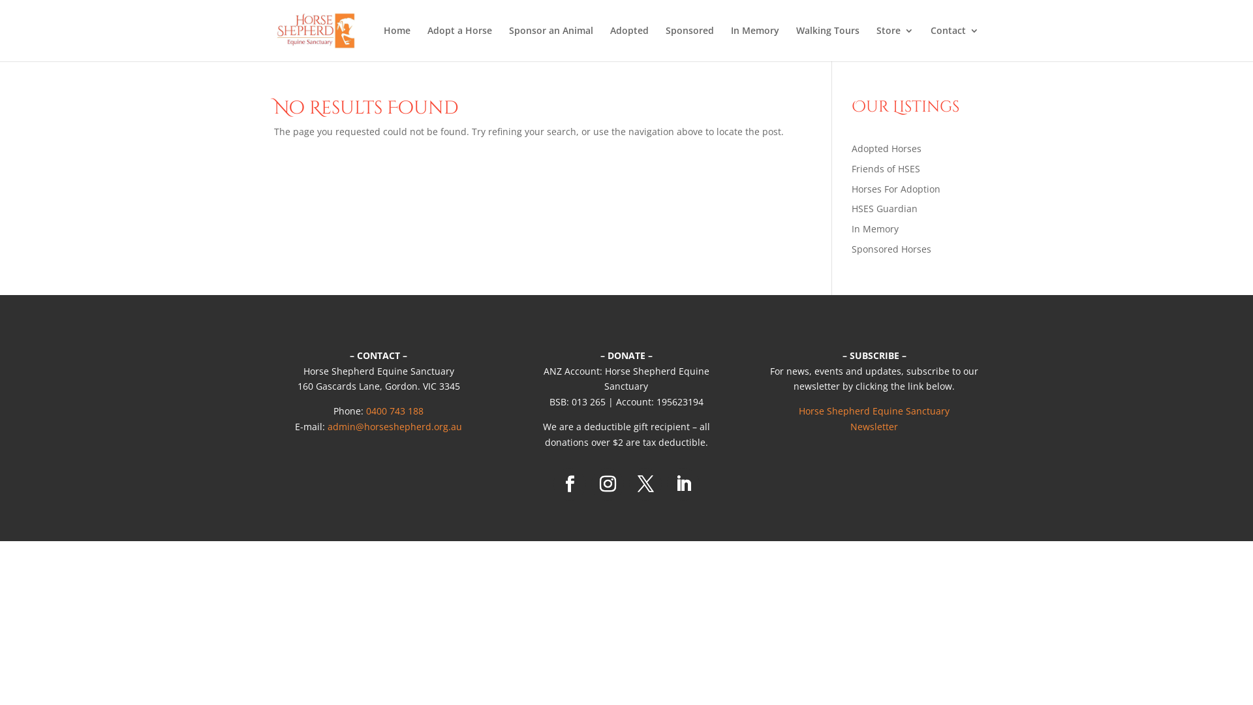  What do you see at coordinates (682, 484) in the screenshot?
I see `'Follow on LinkedIn'` at bounding box center [682, 484].